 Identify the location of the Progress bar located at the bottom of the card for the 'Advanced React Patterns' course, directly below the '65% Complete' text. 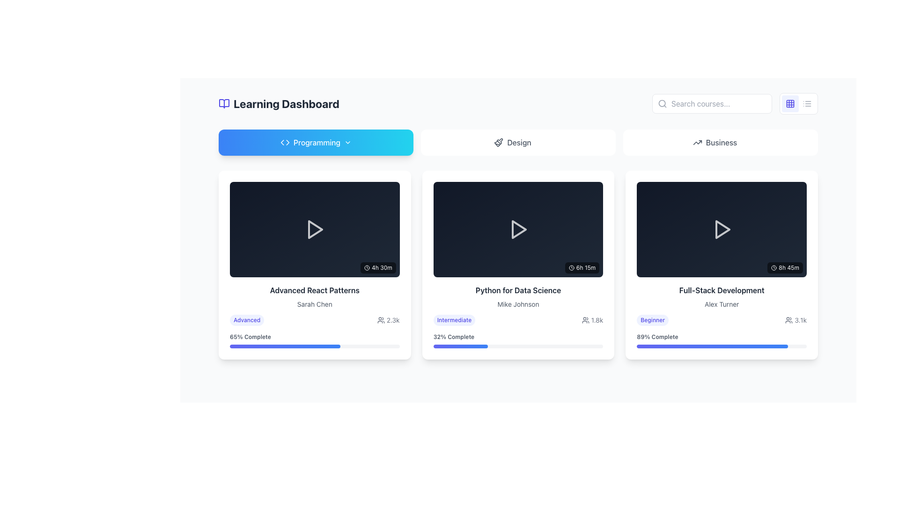
(315, 346).